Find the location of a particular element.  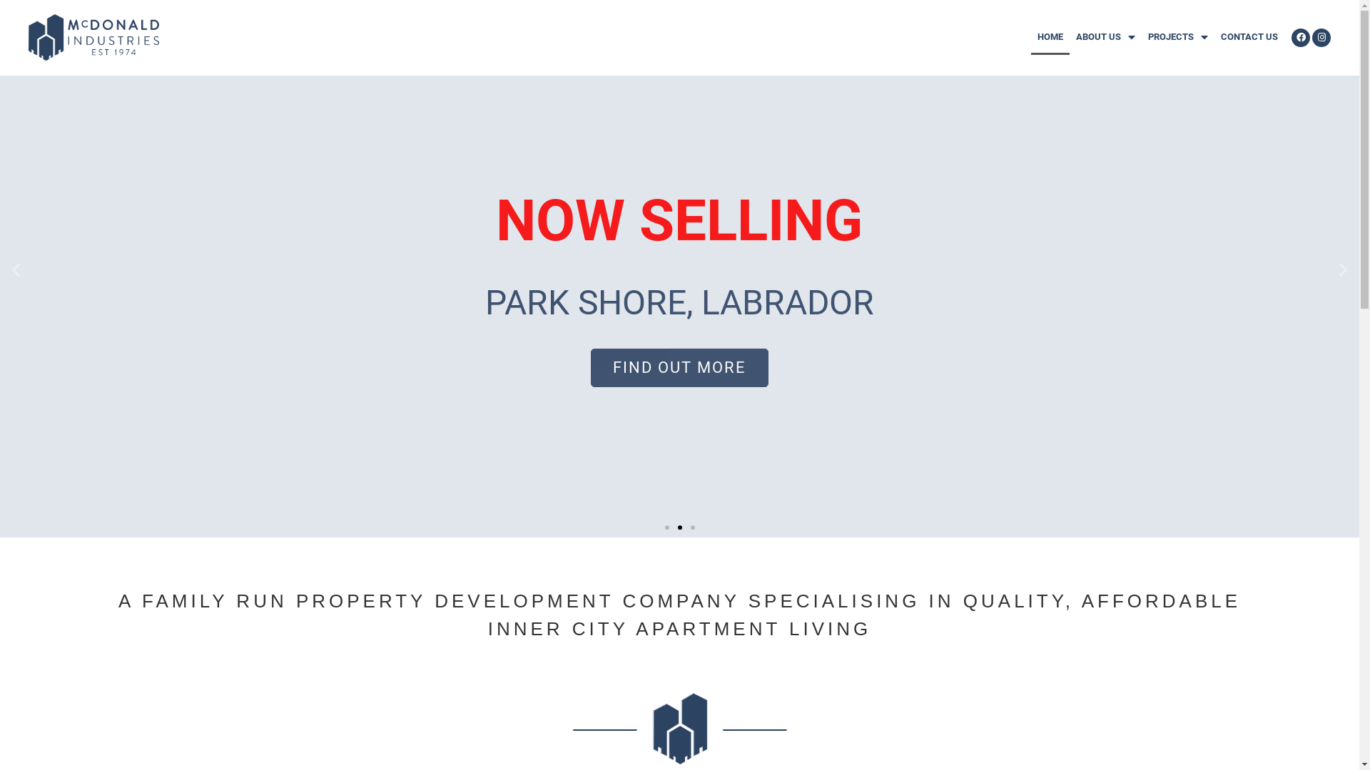

'HOME' is located at coordinates (1050, 36).